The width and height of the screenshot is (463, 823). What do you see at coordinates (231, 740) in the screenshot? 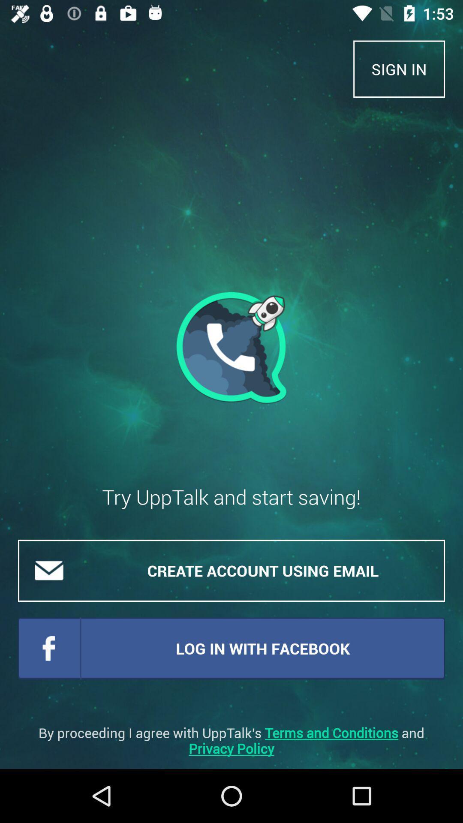
I see `the by proceeding i icon` at bounding box center [231, 740].